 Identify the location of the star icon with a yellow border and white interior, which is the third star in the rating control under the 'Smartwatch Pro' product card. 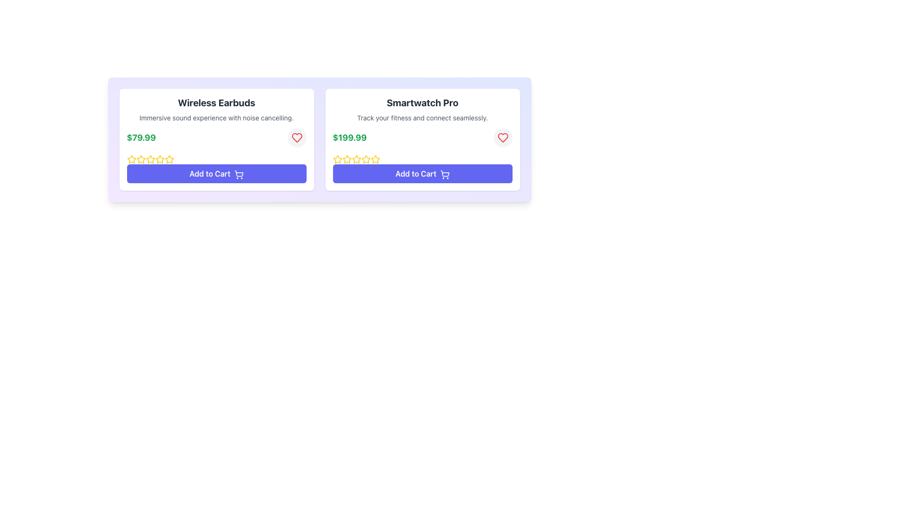
(365, 159).